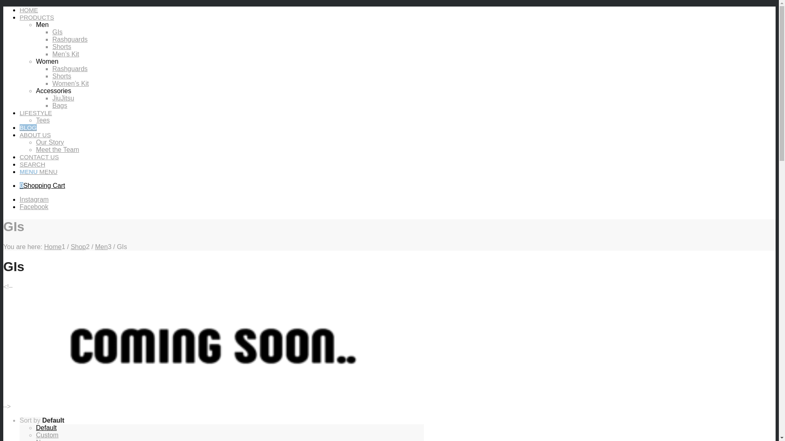 The height and width of the screenshot is (441, 785). I want to click on 'SEARCH', so click(32, 164).